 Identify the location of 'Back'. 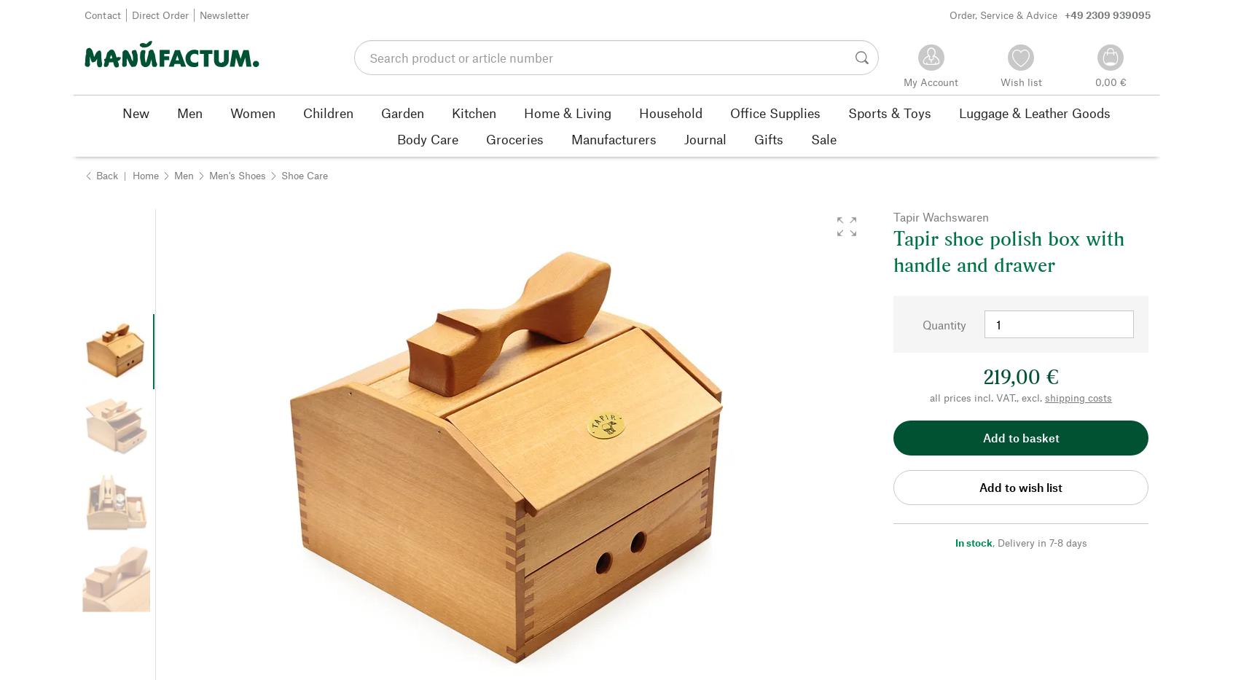
(106, 173).